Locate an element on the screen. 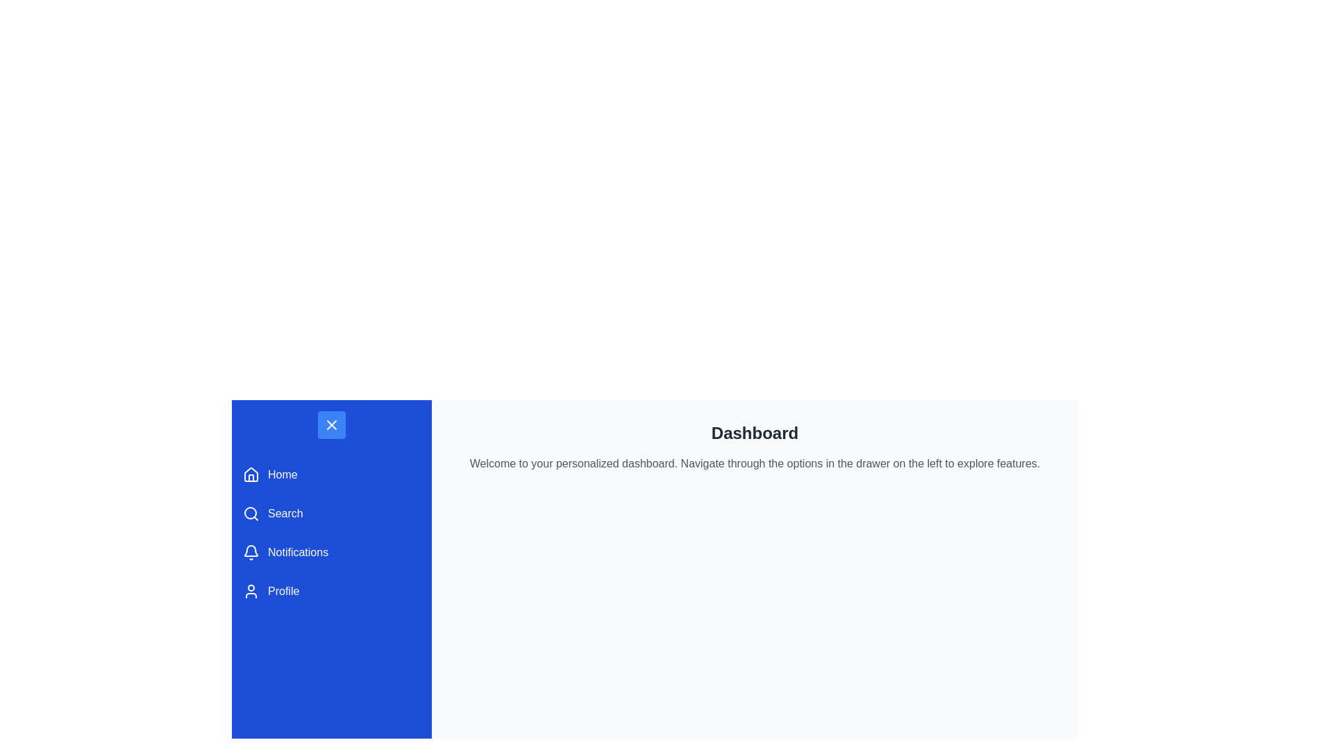  the 'Home' button with a blue background in the vertical navigation menu to change its appearance is located at coordinates (331, 474).